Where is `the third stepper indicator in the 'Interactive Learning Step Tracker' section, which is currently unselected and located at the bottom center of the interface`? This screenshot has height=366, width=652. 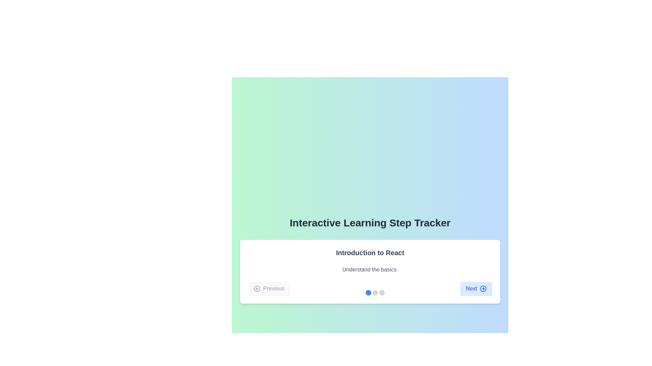 the third stepper indicator in the 'Interactive Learning Step Tracker' section, which is currently unselected and located at the bottom center of the interface is located at coordinates (382, 292).